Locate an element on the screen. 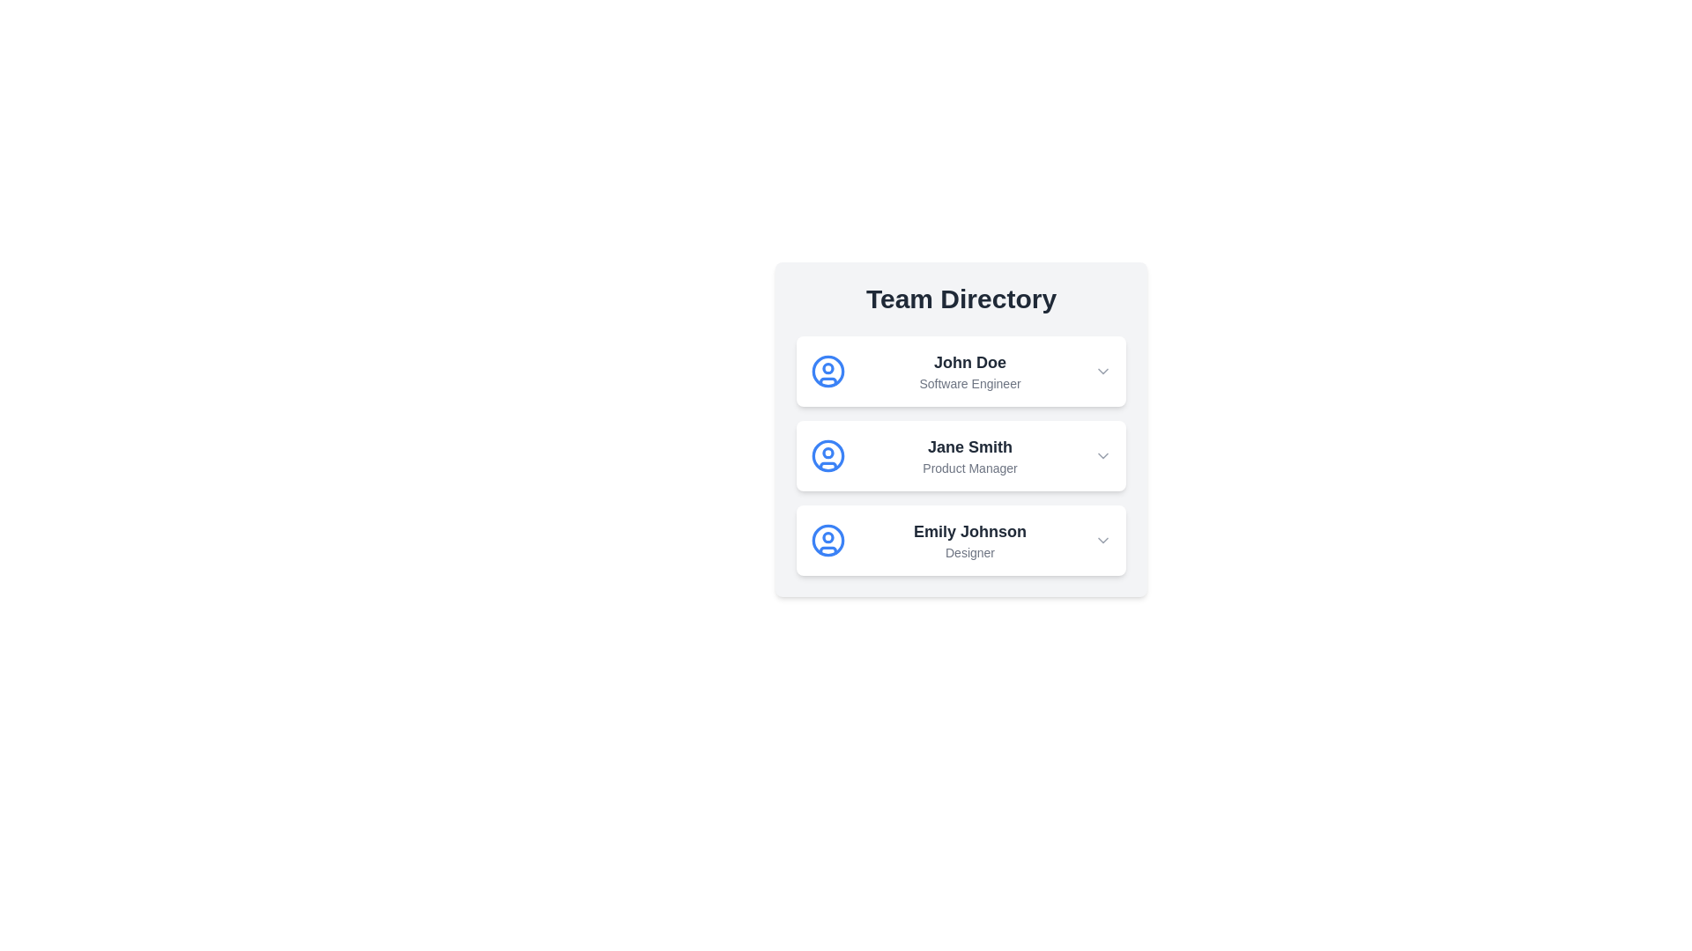 The width and height of the screenshot is (1692, 951). the background of the card to select the item Emily Johnson is located at coordinates (960, 539).